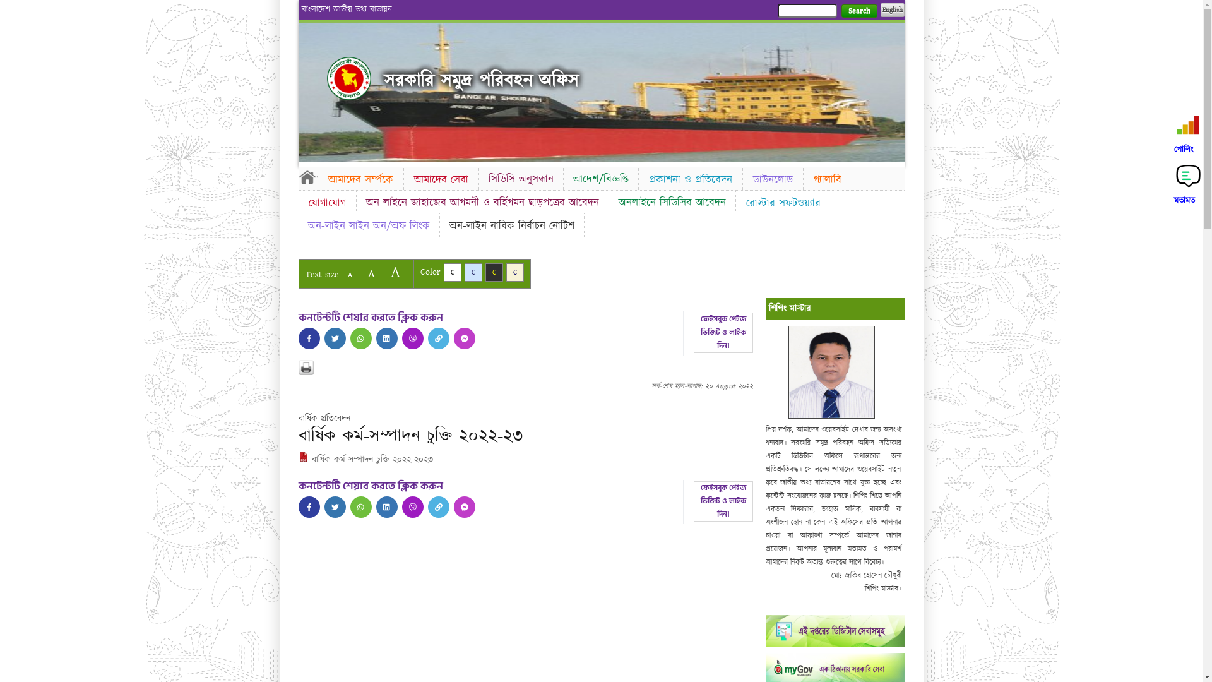  Describe the element at coordinates (515, 272) in the screenshot. I see `'C'` at that location.